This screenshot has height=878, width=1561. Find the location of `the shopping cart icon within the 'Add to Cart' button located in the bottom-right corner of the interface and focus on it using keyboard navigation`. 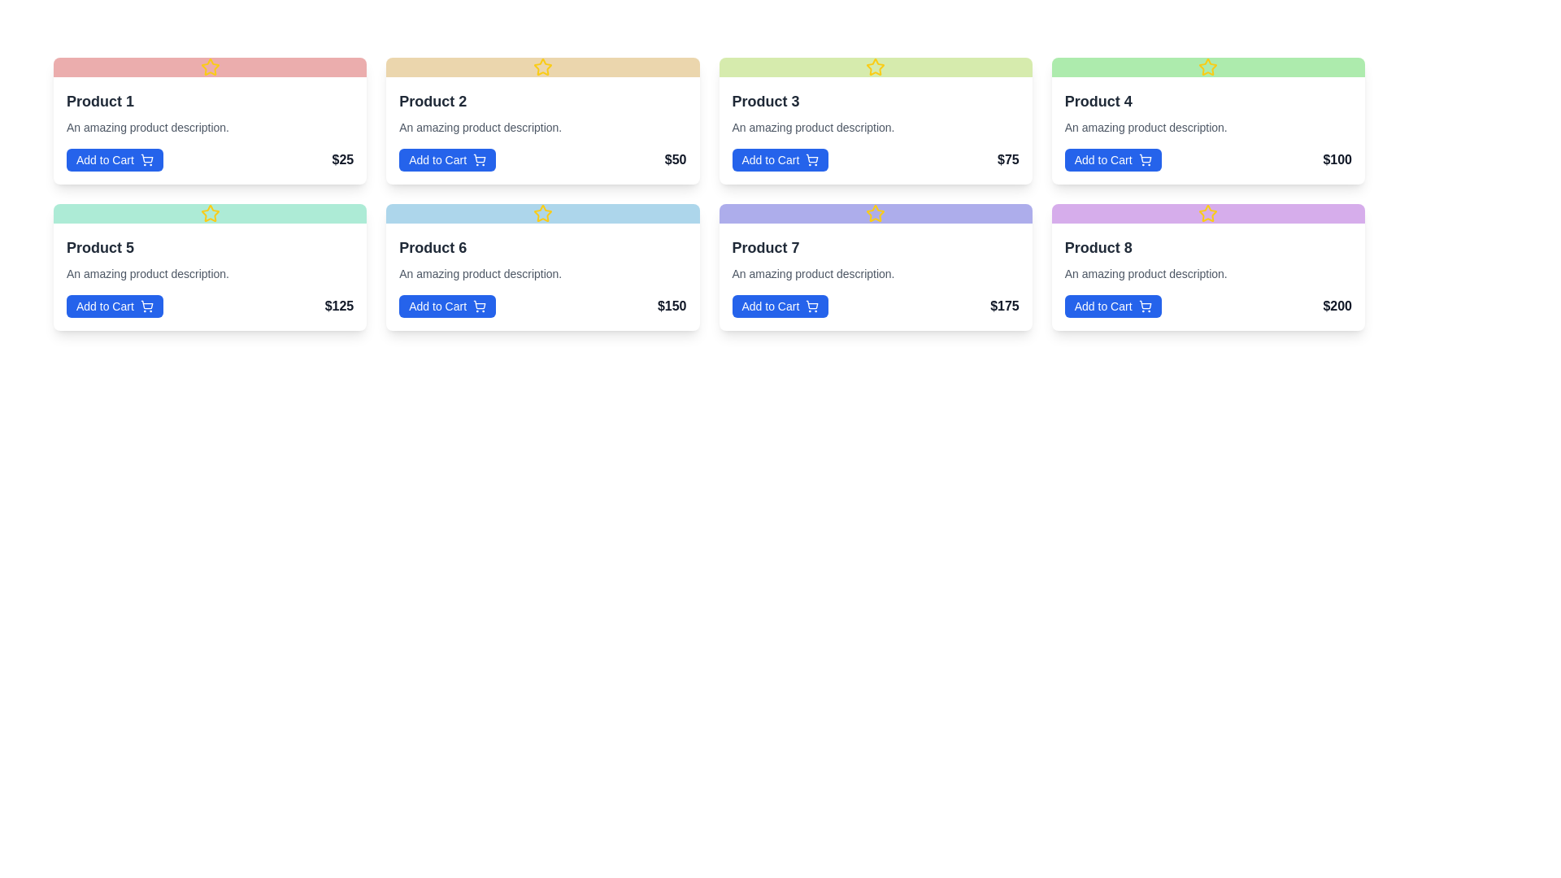

the shopping cart icon within the 'Add to Cart' button located in the bottom-right corner of the interface and focus on it using keyboard navigation is located at coordinates (1144, 304).